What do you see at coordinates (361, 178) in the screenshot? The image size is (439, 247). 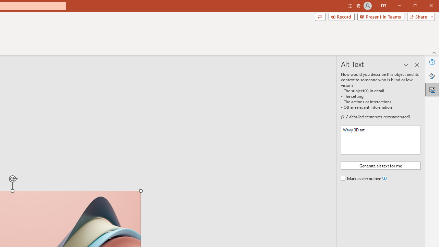 I see `'Mark as decorative'` at bounding box center [361, 178].